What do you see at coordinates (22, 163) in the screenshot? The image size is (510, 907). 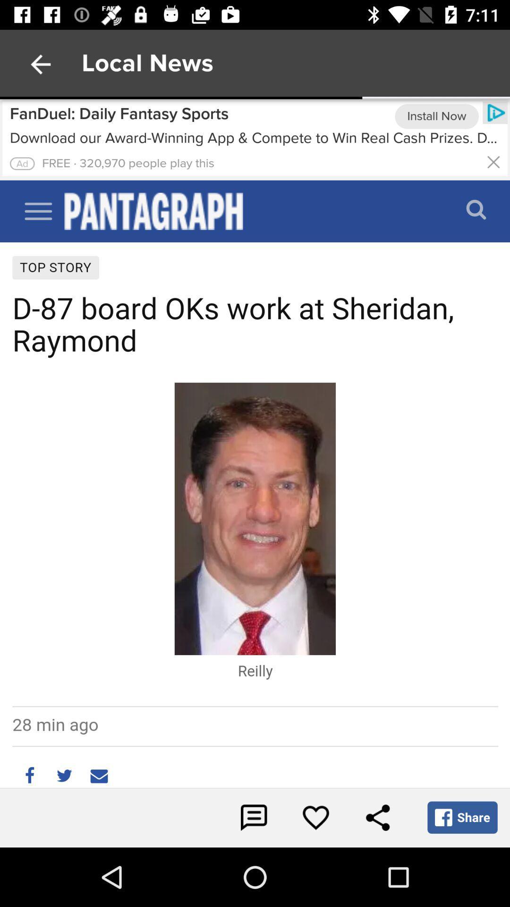 I see `description` at bounding box center [22, 163].